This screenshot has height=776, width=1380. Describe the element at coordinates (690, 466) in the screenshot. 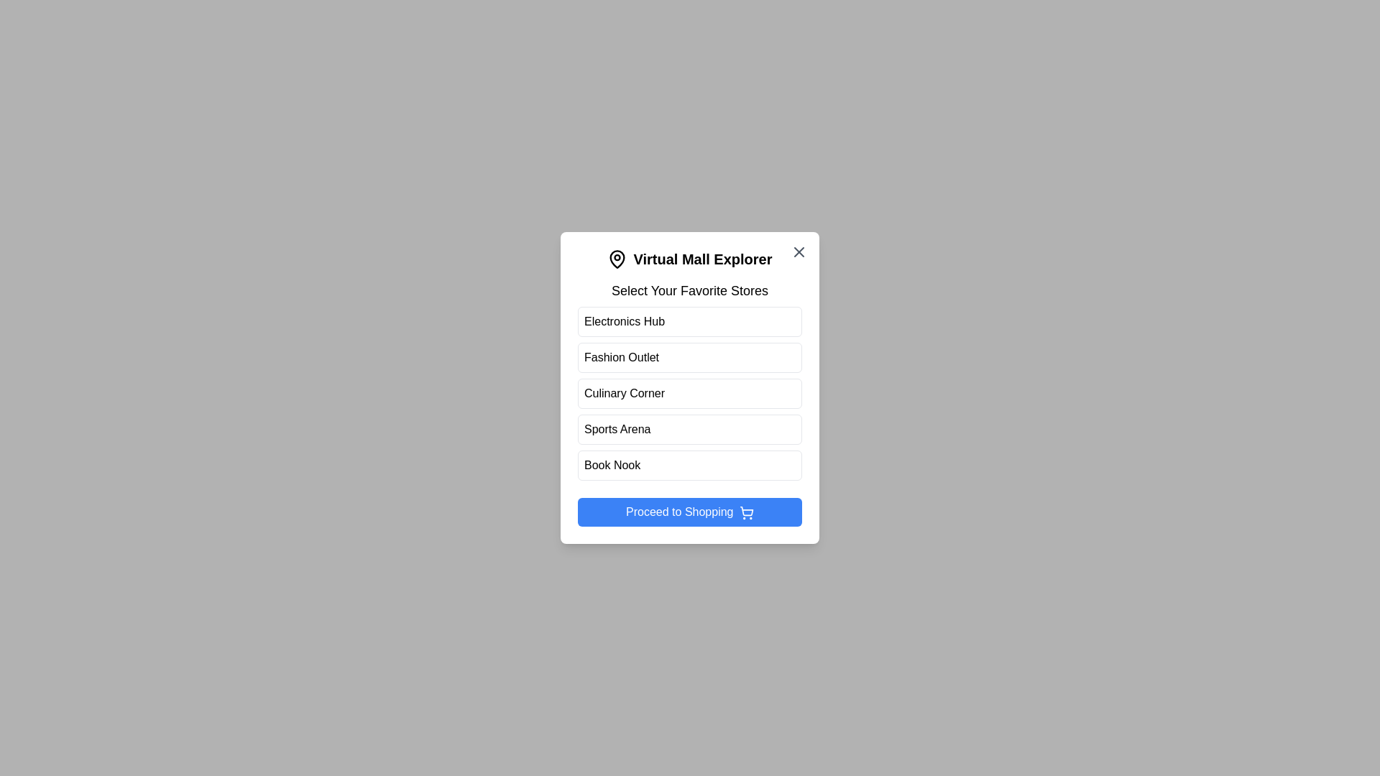

I see `the selectable button labeled 'Book Nook' in the category selection interface` at that location.